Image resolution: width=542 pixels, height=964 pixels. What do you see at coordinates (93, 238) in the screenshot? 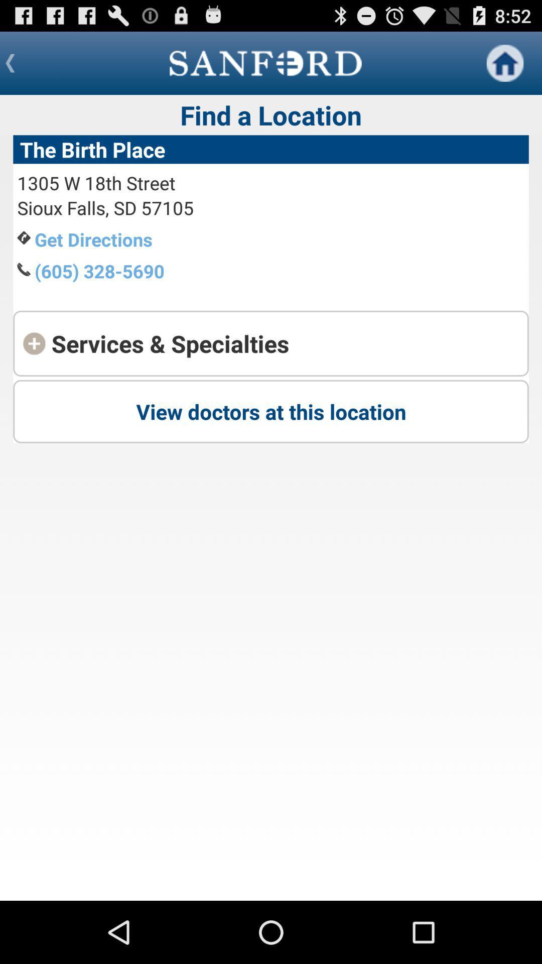
I see `the item above the (605) 328-5690` at bounding box center [93, 238].